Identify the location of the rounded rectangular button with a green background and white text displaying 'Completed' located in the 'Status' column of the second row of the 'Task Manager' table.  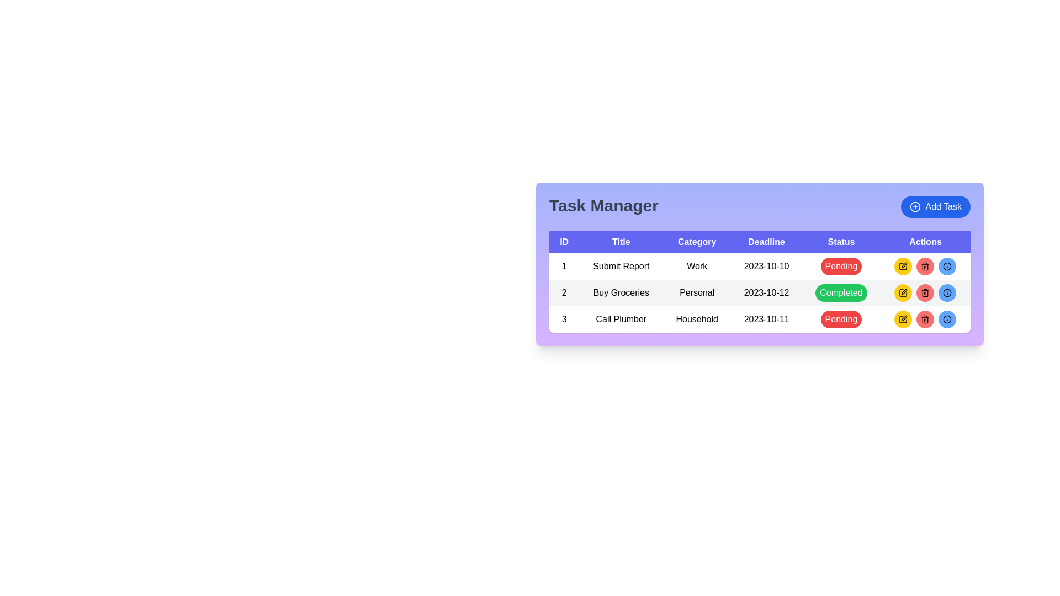
(840, 292).